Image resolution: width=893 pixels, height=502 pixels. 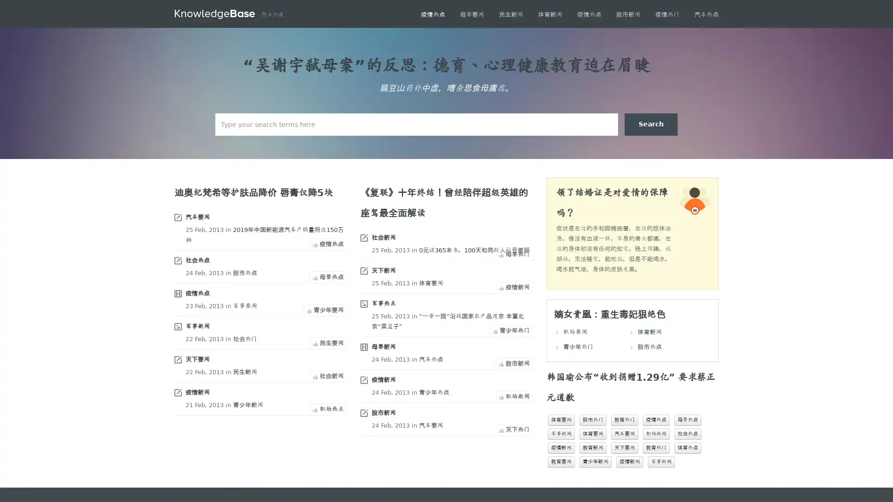 What do you see at coordinates (651, 124) in the screenshot?
I see `Search` at bounding box center [651, 124].